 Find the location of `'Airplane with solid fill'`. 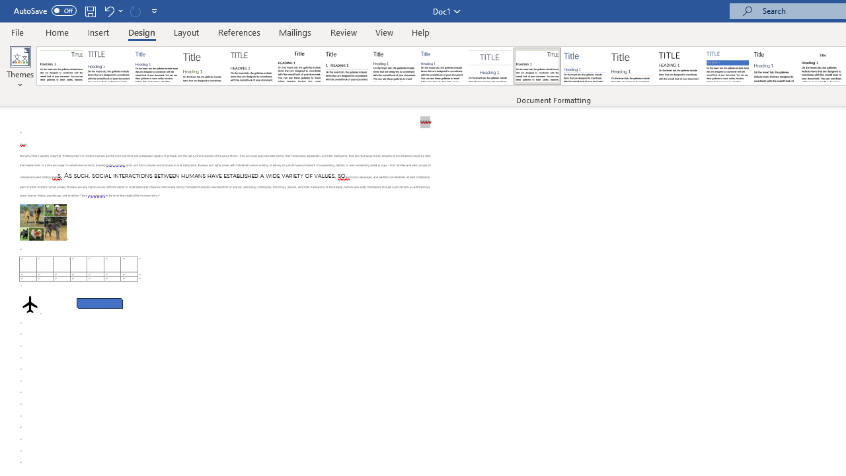

'Airplane with solid fill' is located at coordinates (30, 304).